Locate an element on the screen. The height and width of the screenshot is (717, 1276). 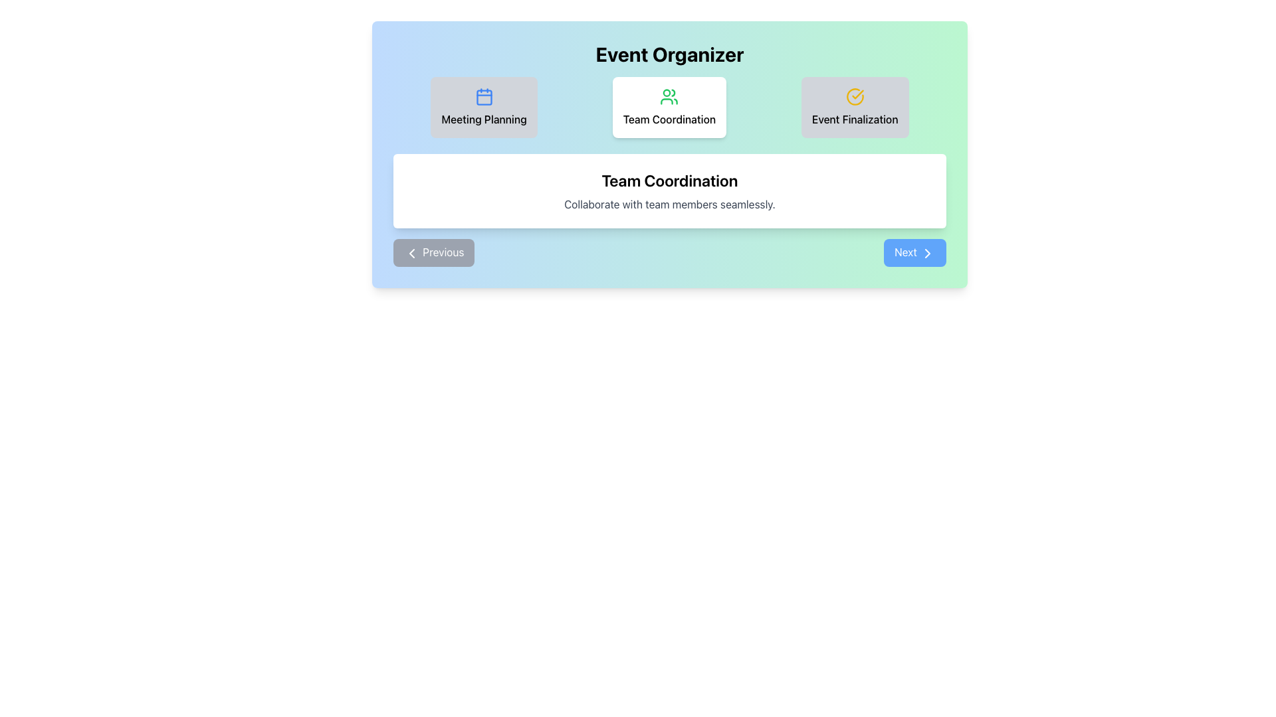
the non-interactive Text Label providing context for 'Team Coordination', positioned below the title within its card layout is located at coordinates (670, 204).